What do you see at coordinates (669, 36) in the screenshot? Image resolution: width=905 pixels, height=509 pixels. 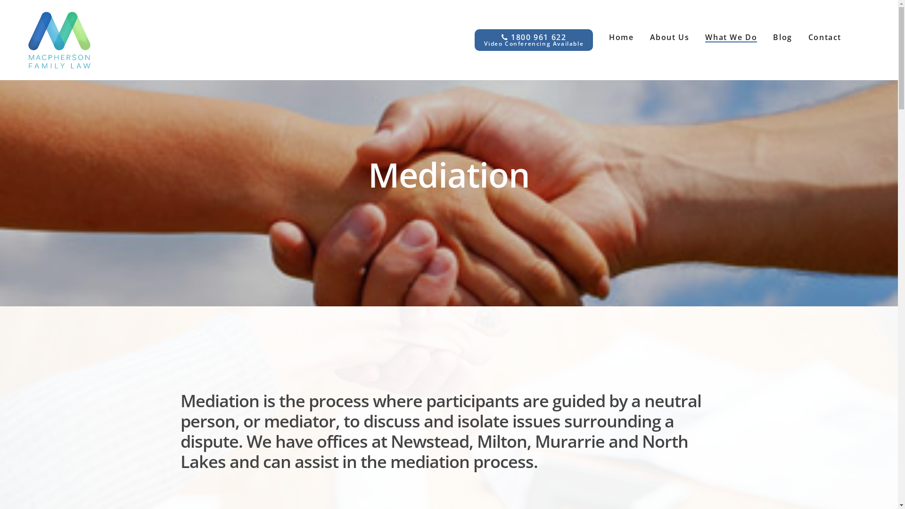 I see `'About Us'` at bounding box center [669, 36].